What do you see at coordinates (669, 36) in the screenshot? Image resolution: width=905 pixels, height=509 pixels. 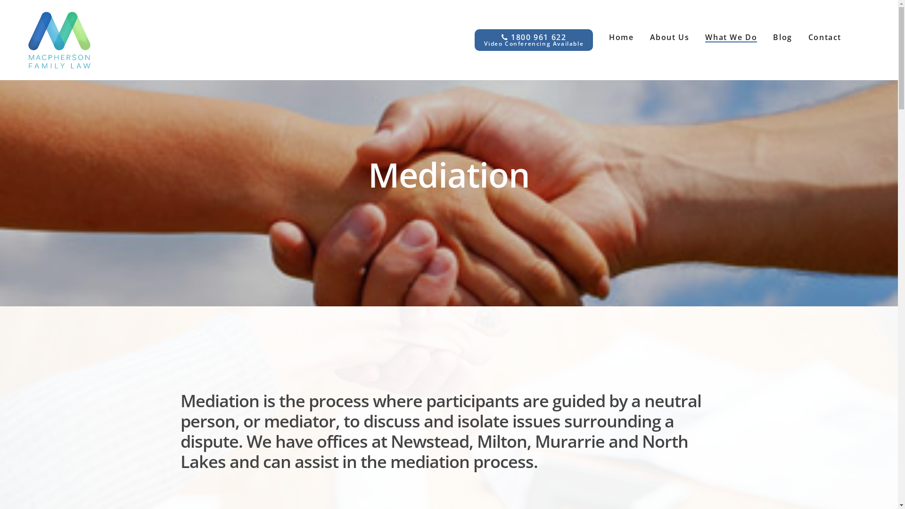 I see `'About Us'` at bounding box center [669, 36].